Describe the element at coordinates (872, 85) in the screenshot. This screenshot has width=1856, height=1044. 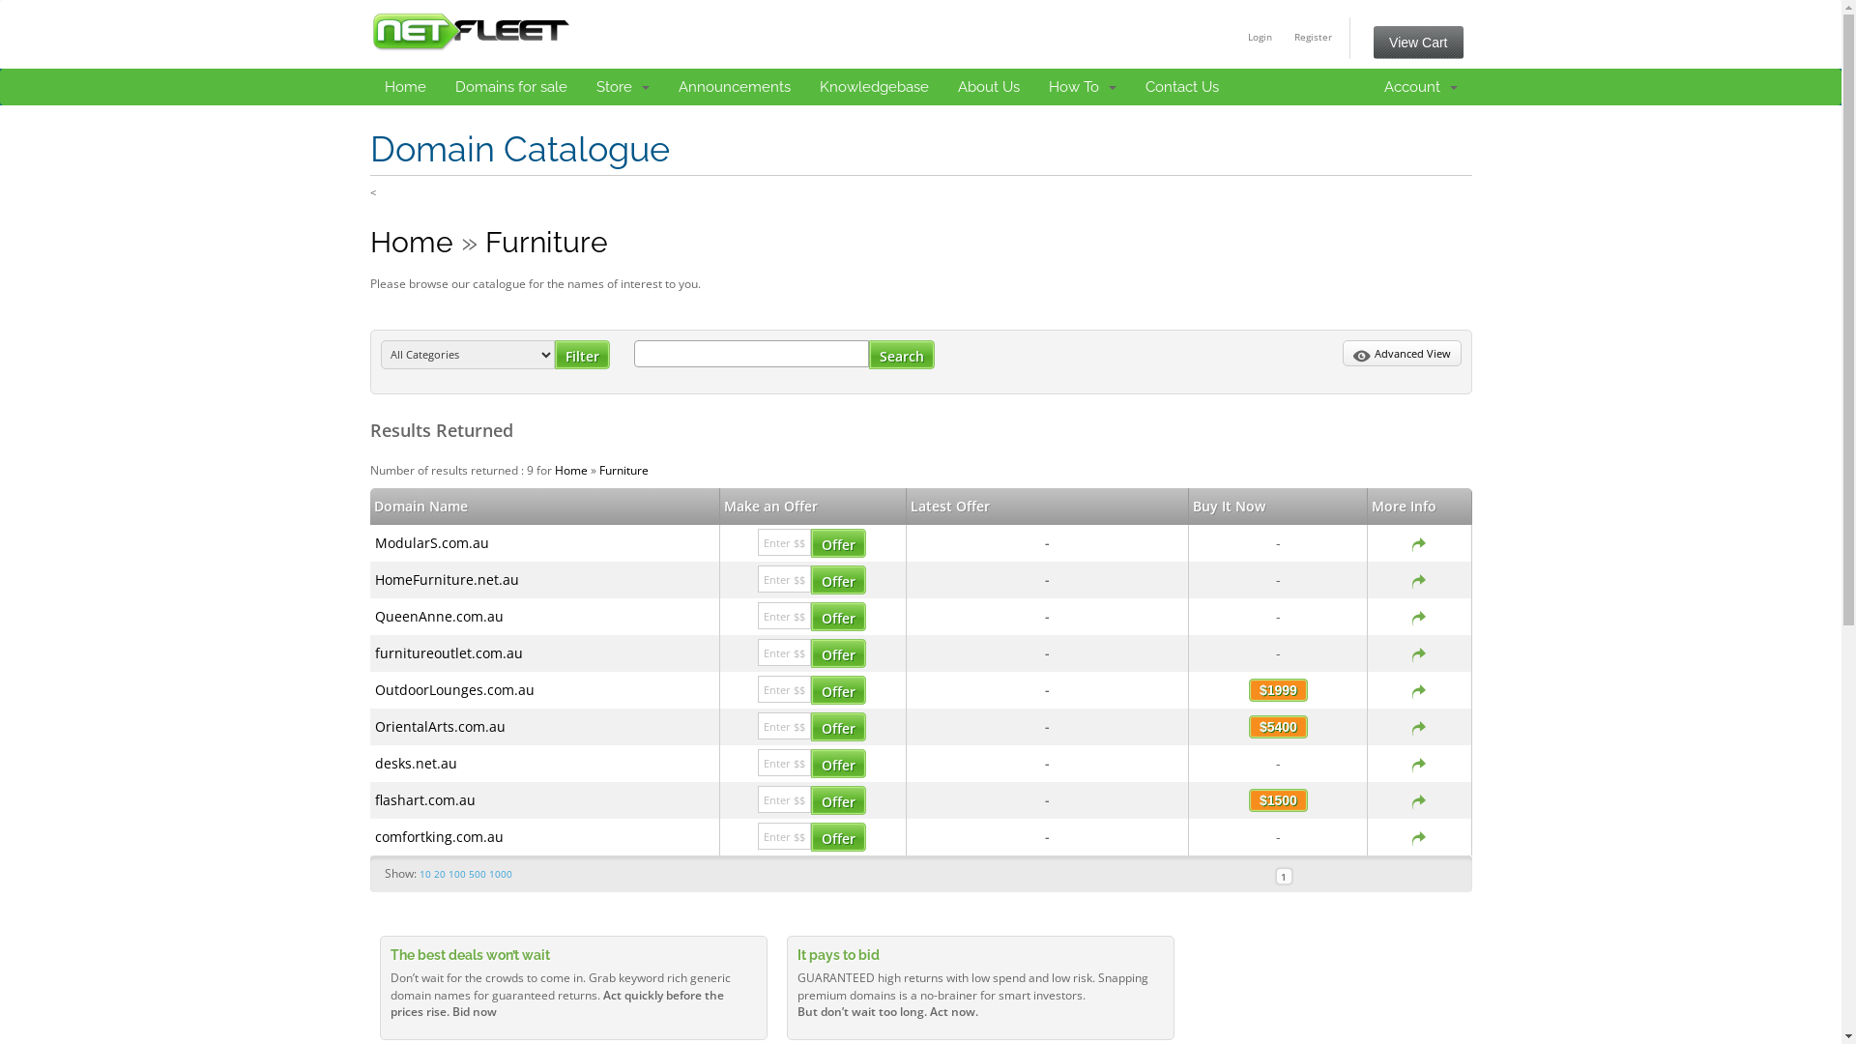
I see `'Knowledgebase'` at that location.